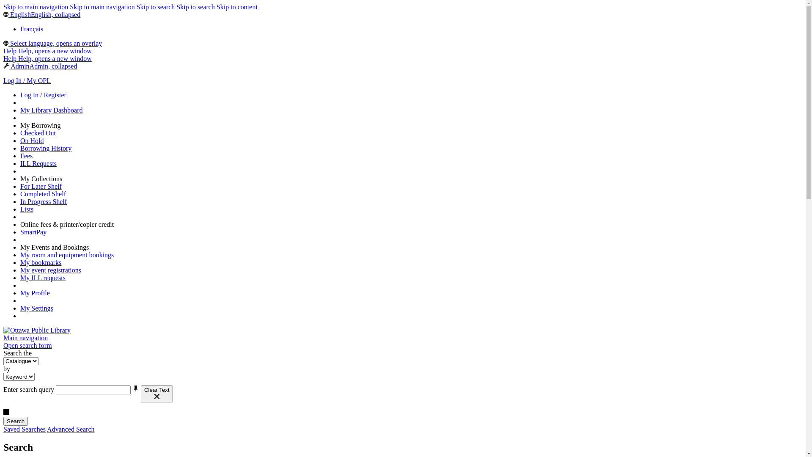  I want to click on 'Saved Searches', so click(24, 429).